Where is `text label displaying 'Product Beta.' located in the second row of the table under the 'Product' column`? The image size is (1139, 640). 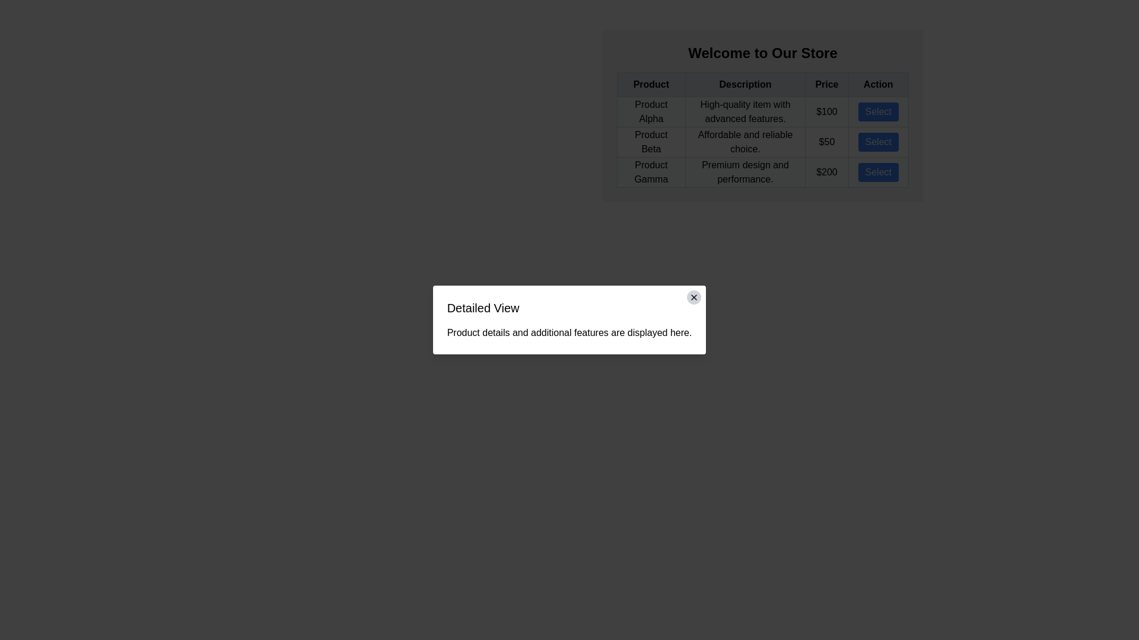
text label displaying 'Product Beta.' located in the second row of the table under the 'Product' column is located at coordinates (650, 141).